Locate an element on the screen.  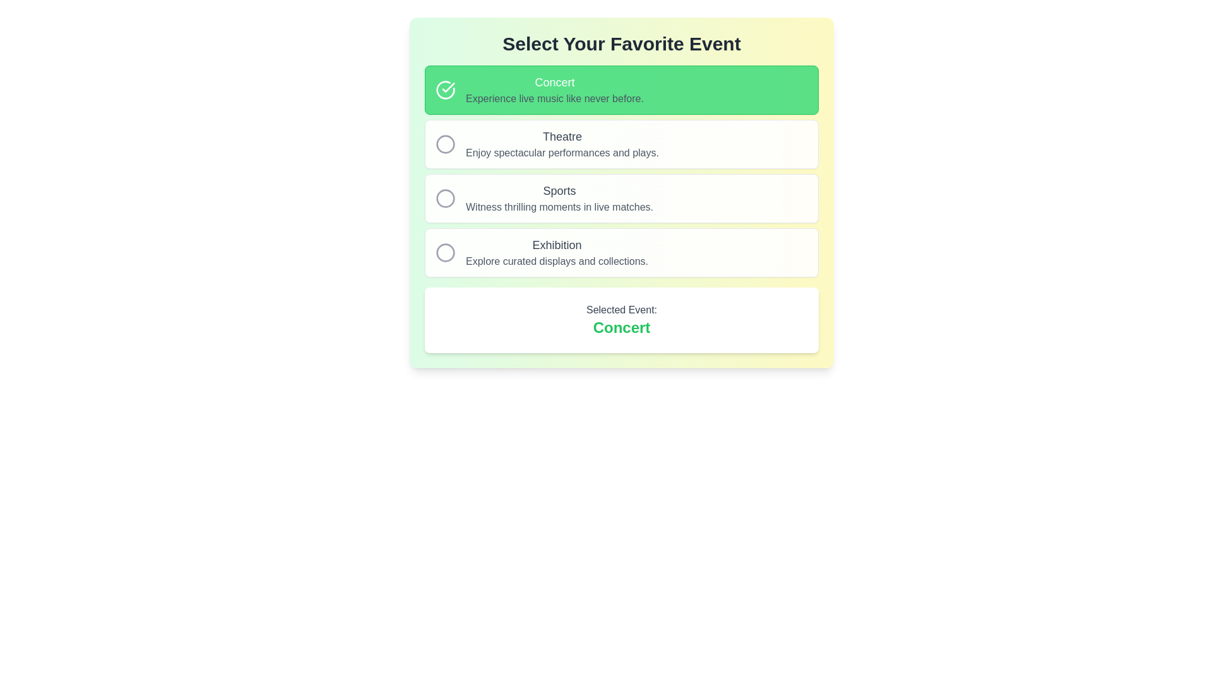
the non-interactive radio button indicator aligned with the 'Exhibition' option in the UI is located at coordinates (445, 253).